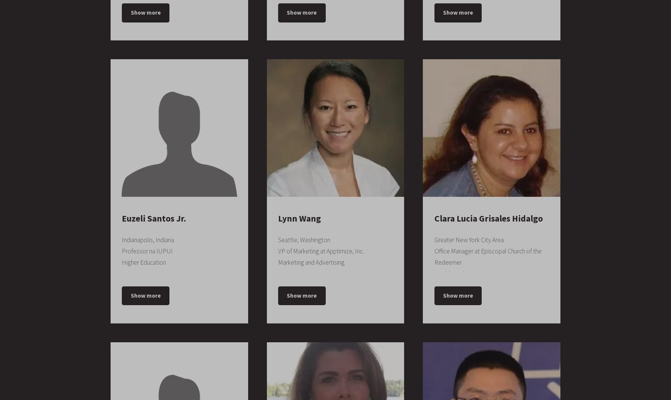 The height and width of the screenshot is (400, 671). What do you see at coordinates (489, 224) in the screenshot?
I see `'BS of Business Administration, Emphasis in Marketing and Management'` at bounding box center [489, 224].